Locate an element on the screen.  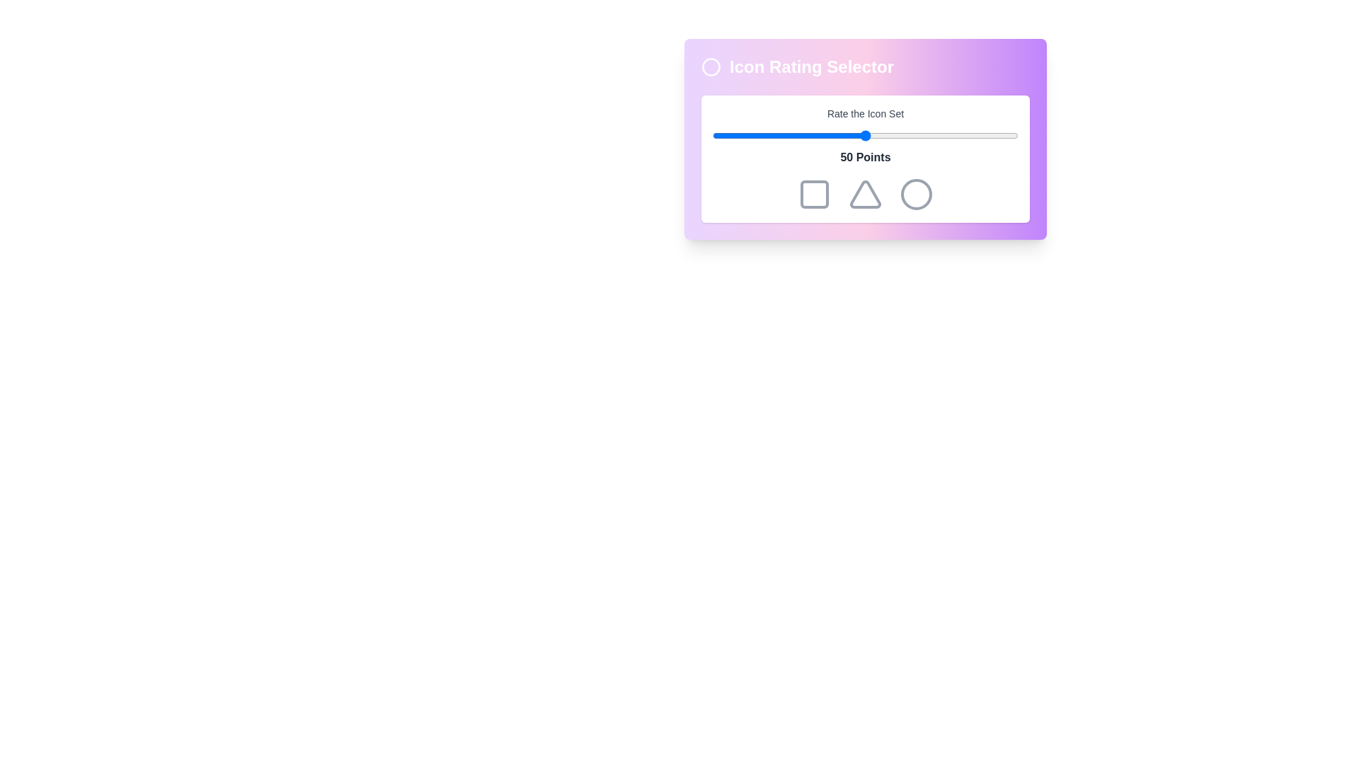
the slider to 95 percent to observe the color changes of the icons is located at coordinates (1002, 136).